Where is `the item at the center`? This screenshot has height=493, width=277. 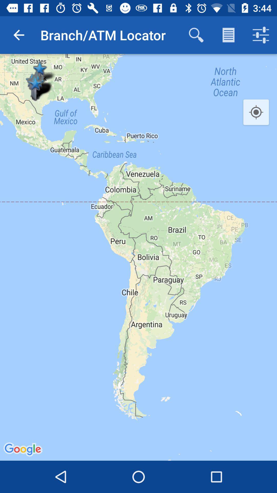
the item at the center is located at coordinates (138, 257).